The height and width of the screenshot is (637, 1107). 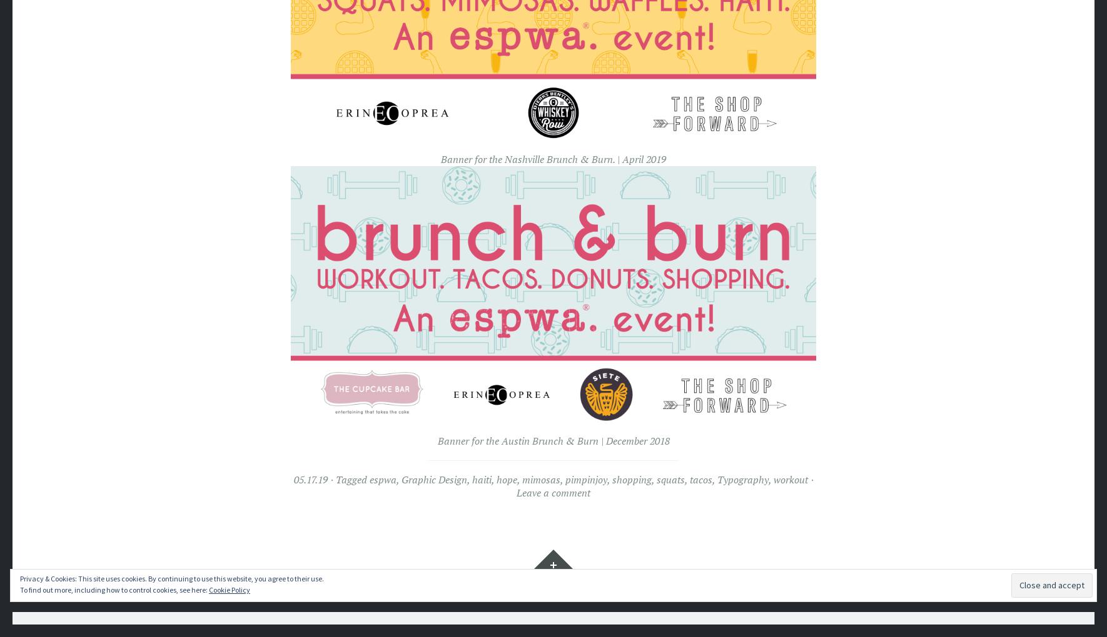 What do you see at coordinates (433, 478) in the screenshot?
I see `'Graphic Design'` at bounding box center [433, 478].